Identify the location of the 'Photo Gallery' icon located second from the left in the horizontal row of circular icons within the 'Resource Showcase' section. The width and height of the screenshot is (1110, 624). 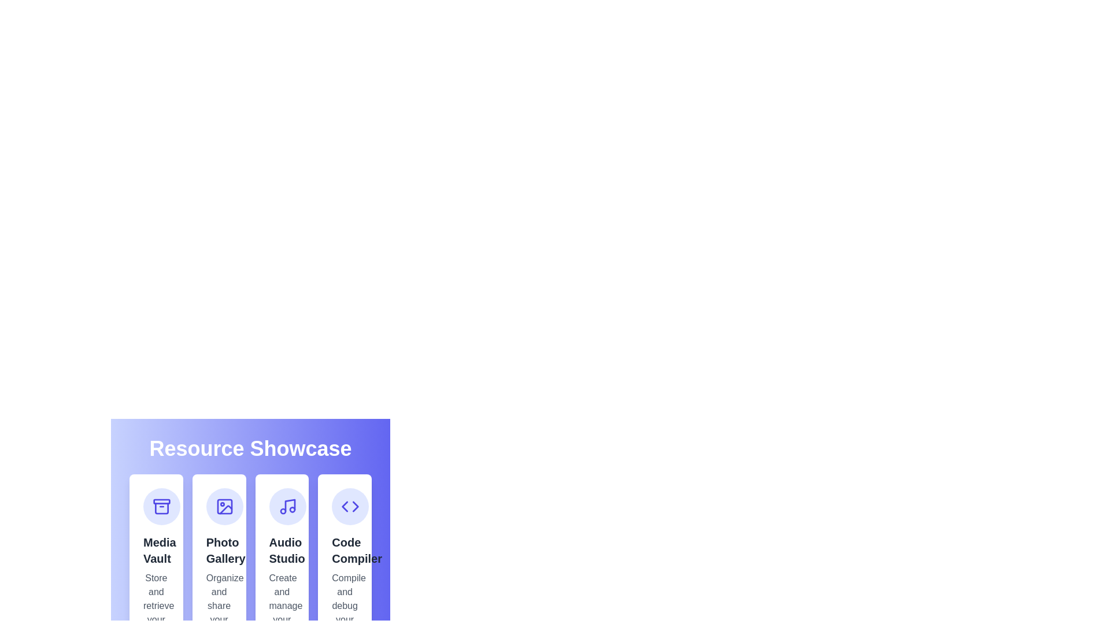
(224, 506).